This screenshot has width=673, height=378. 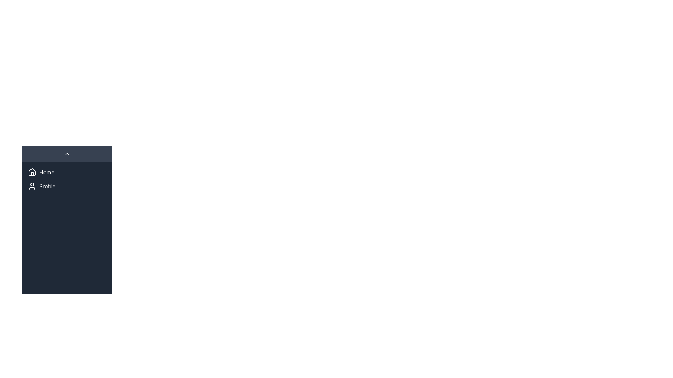 What do you see at coordinates (67, 153) in the screenshot?
I see `the upward collapsing icon located in the menu header above the 'Home' and 'Profile' items` at bounding box center [67, 153].